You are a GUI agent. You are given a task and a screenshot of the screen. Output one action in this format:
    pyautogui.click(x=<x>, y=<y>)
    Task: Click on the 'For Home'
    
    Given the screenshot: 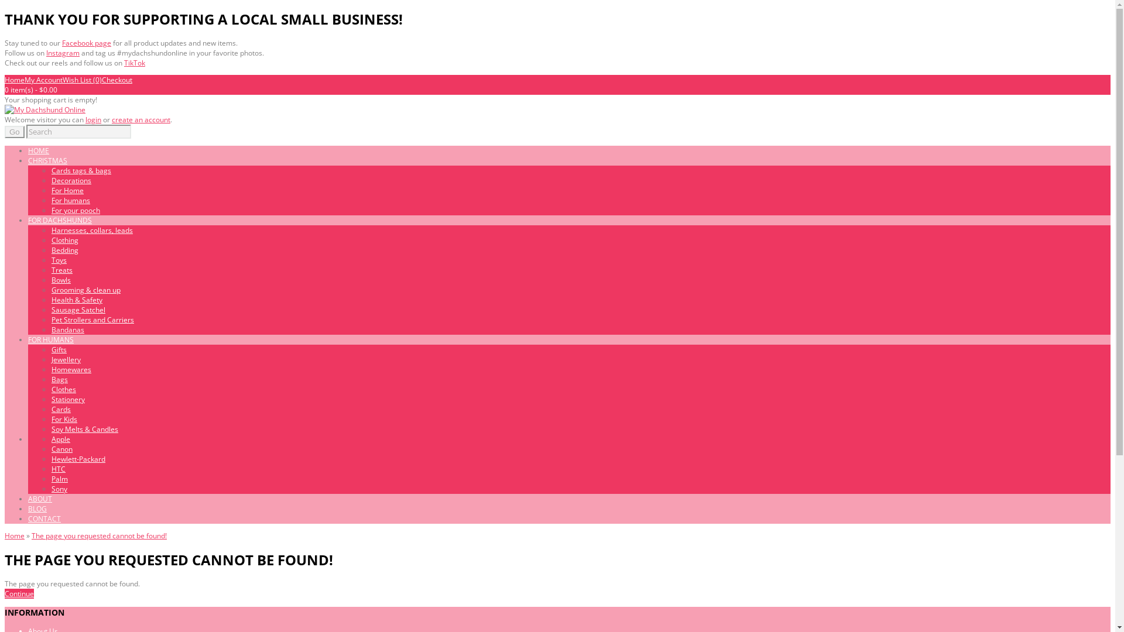 What is the action you would take?
    pyautogui.click(x=50, y=190)
    